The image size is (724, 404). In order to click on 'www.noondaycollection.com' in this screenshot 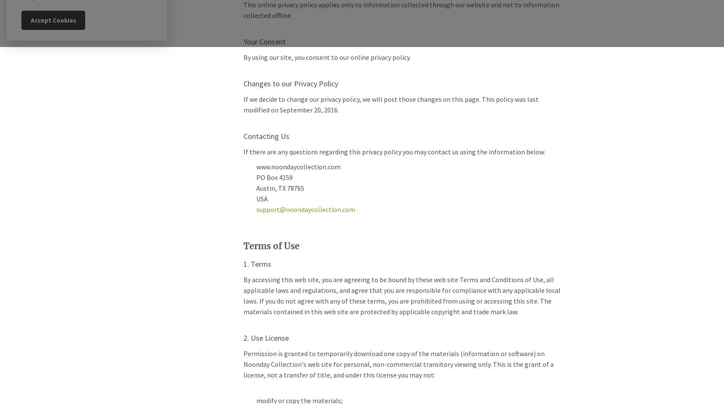, I will do `click(298, 166)`.